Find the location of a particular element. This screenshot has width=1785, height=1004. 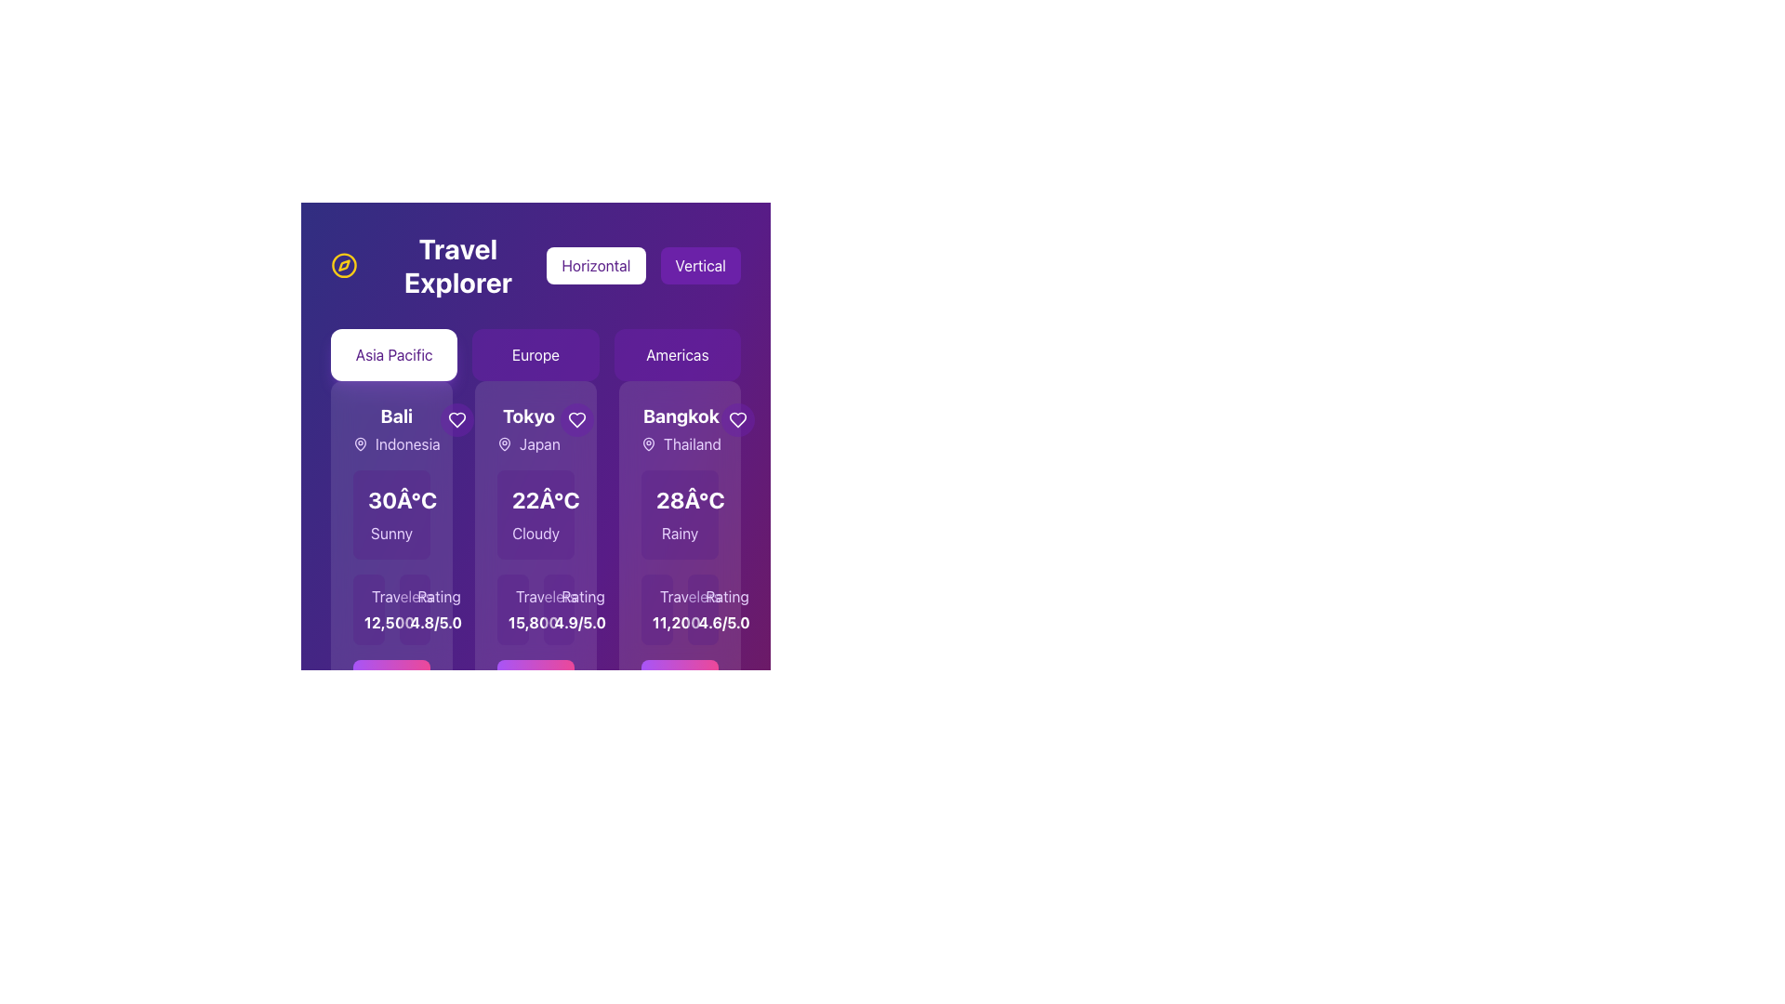

the fourth star icon in the rating section of the 'Tokyo' card, which visually represents a rating of 4.9 out of 5.0 is located at coordinates (564, 600).